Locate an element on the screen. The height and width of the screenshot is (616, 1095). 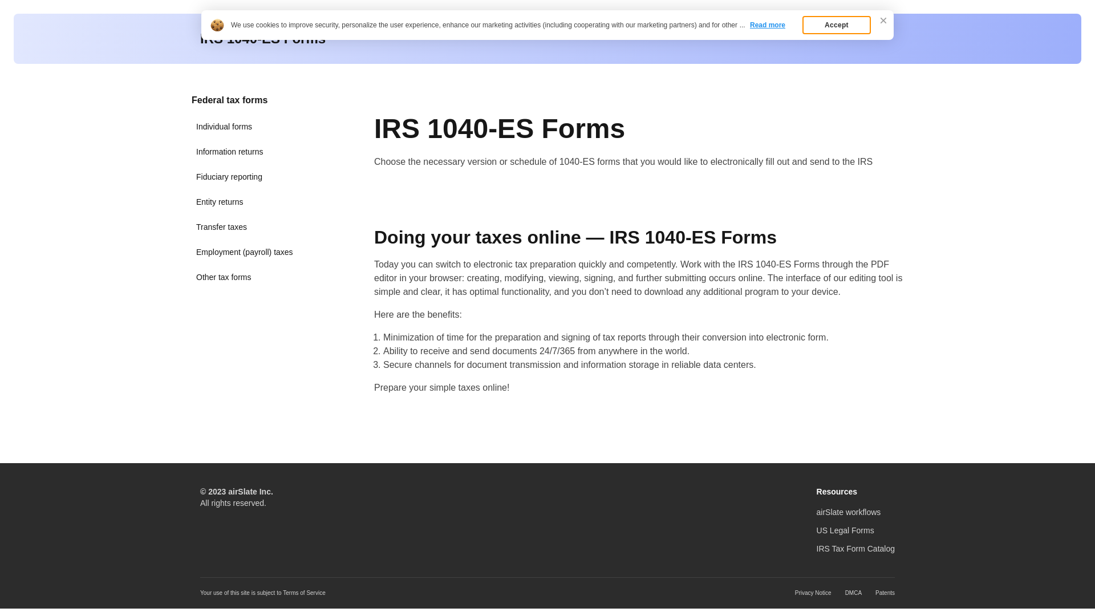
'IRS Tax Form Catalog' is located at coordinates (855, 548).